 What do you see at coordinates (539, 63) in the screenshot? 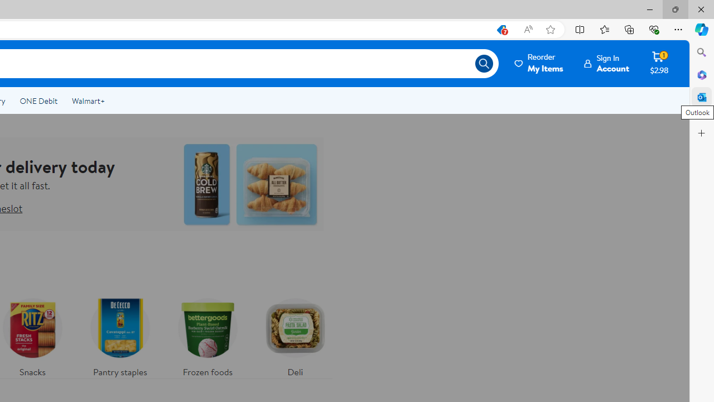
I see `'ReorderMy Items'` at bounding box center [539, 63].